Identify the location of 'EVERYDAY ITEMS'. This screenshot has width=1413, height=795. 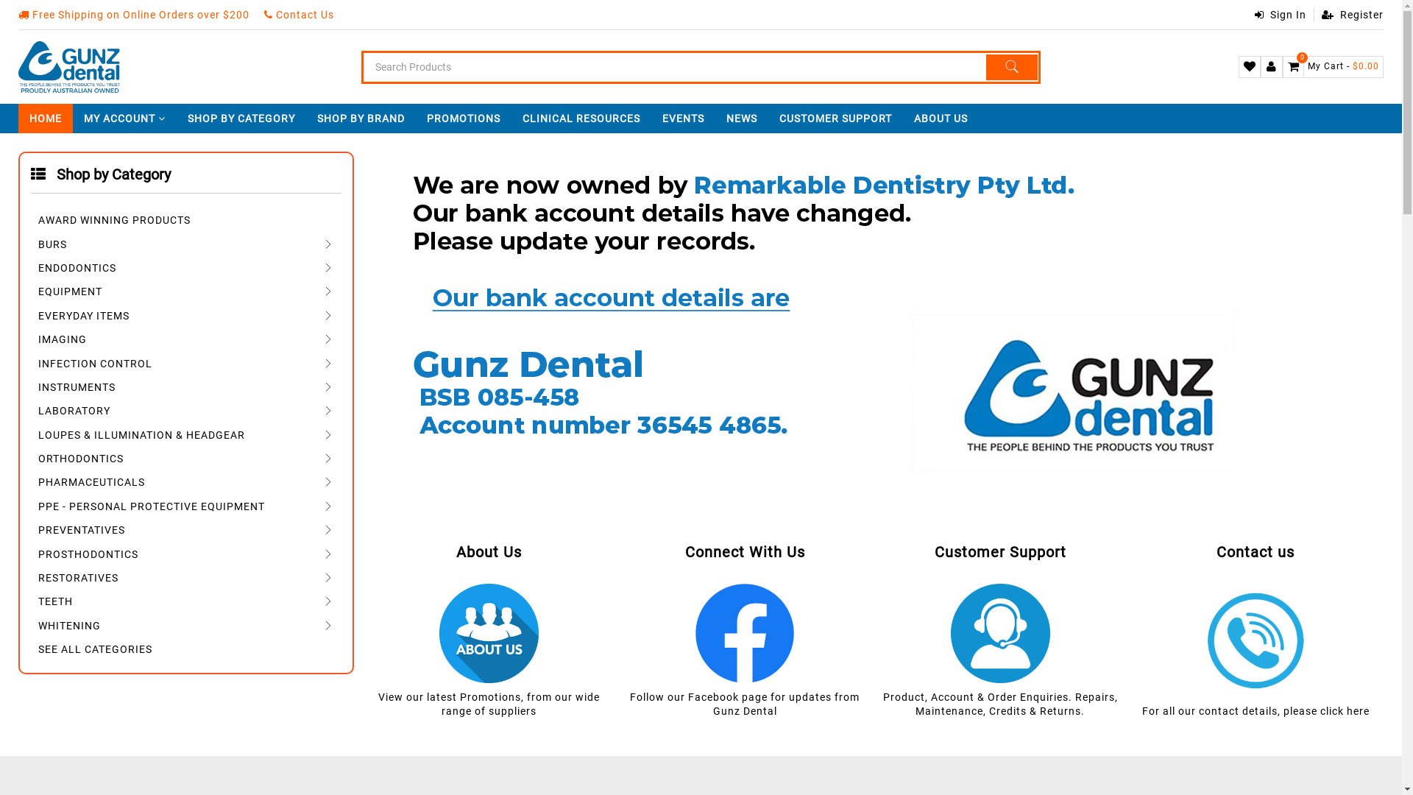
(185, 314).